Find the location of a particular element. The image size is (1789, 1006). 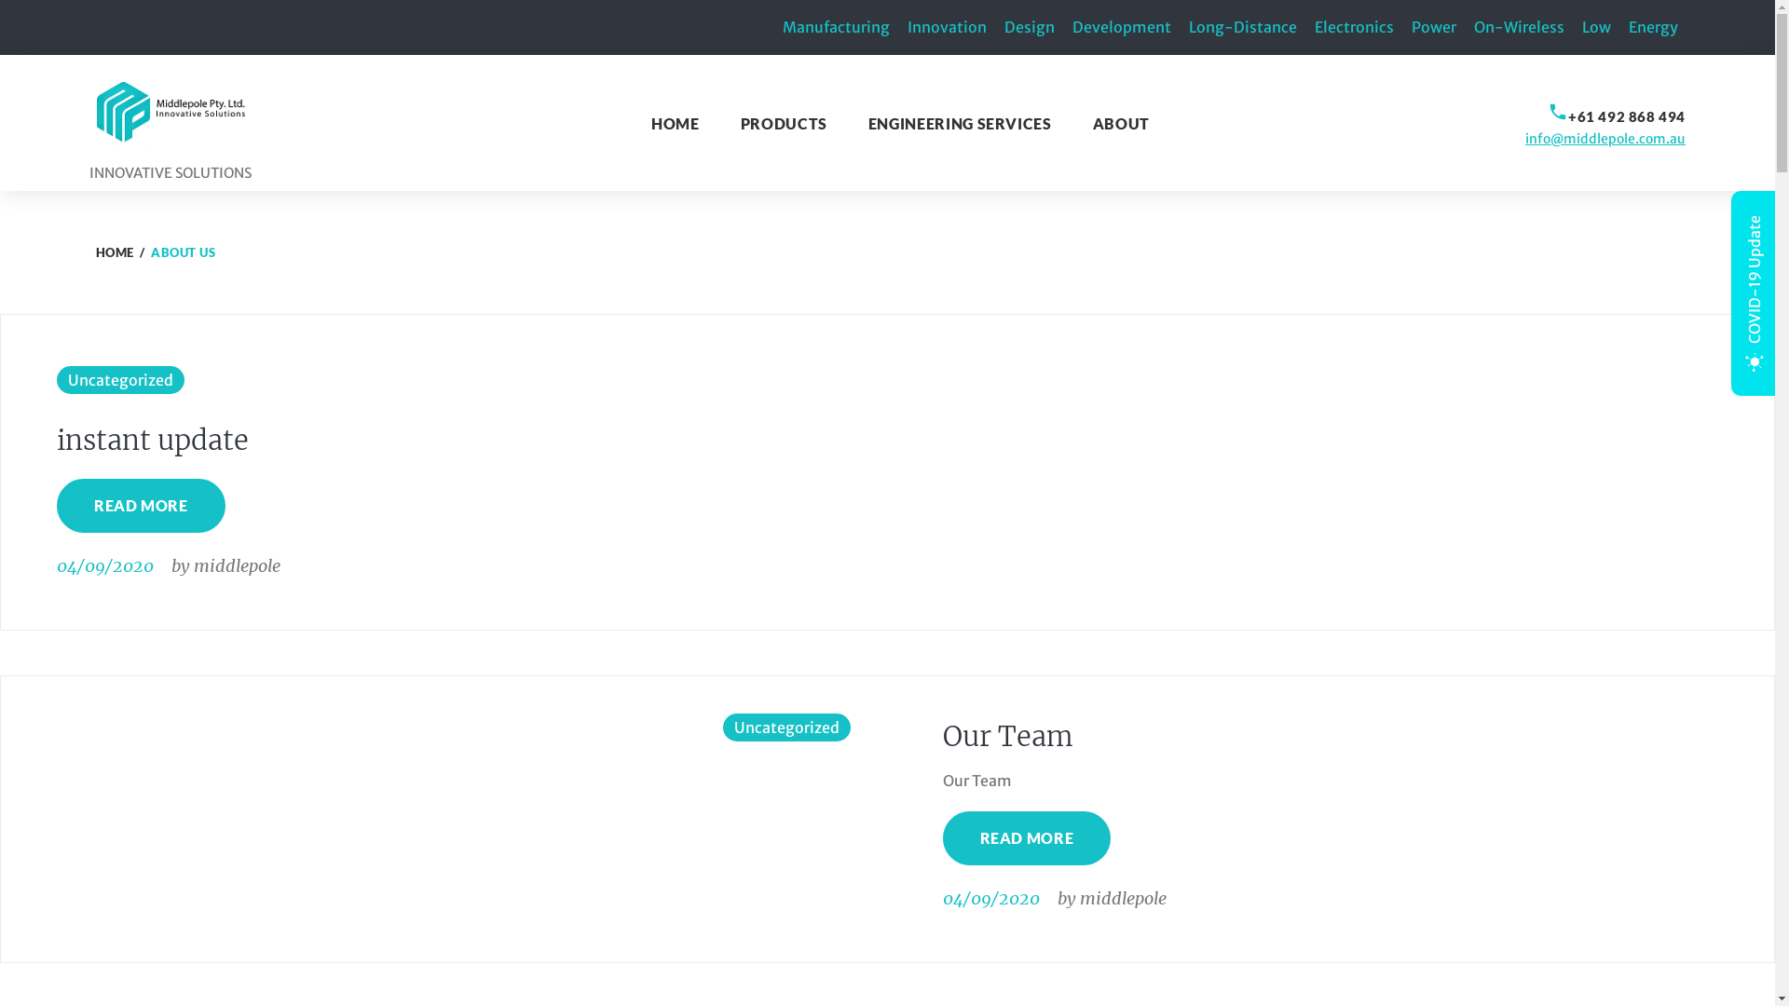

'Energy' is located at coordinates (1627, 27).